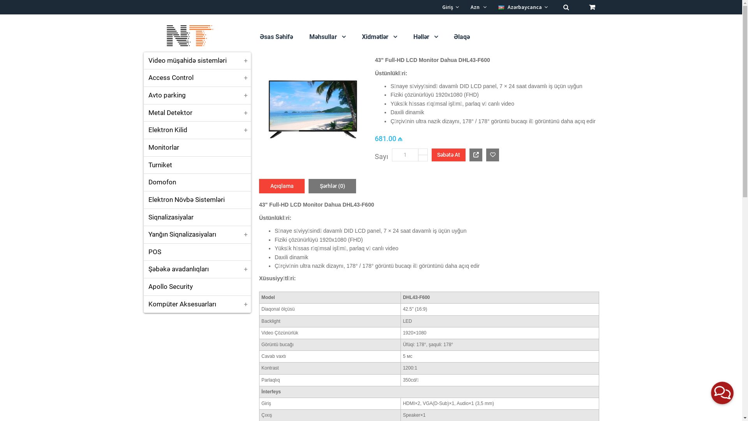  I want to click on 'Domofon', so click(197, 182).